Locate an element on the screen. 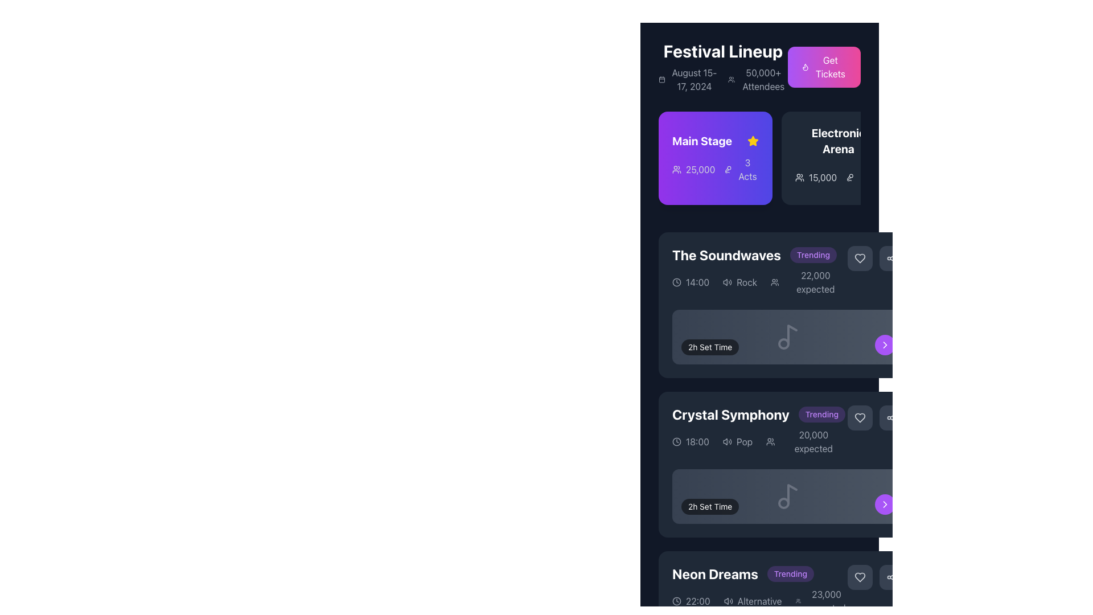 The image size is (1093, 615). information displayed in the text with icon located under the 'Festival Lineup' heading, positioned to the right of the 'August 15-17, 2024' text and left of the pink 'Get Tickets' button is located at coordinates (758, 79).